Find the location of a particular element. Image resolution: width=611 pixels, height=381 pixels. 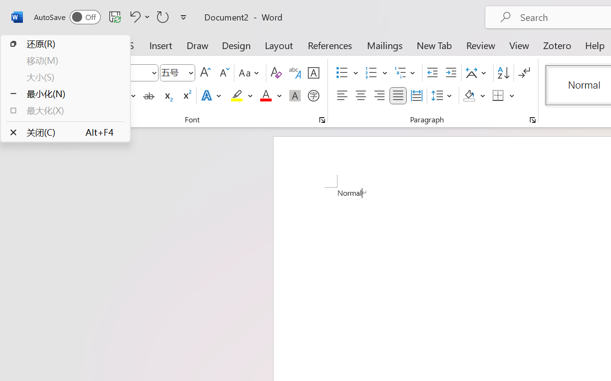

'Borders' is located at coordinates (498, 96).